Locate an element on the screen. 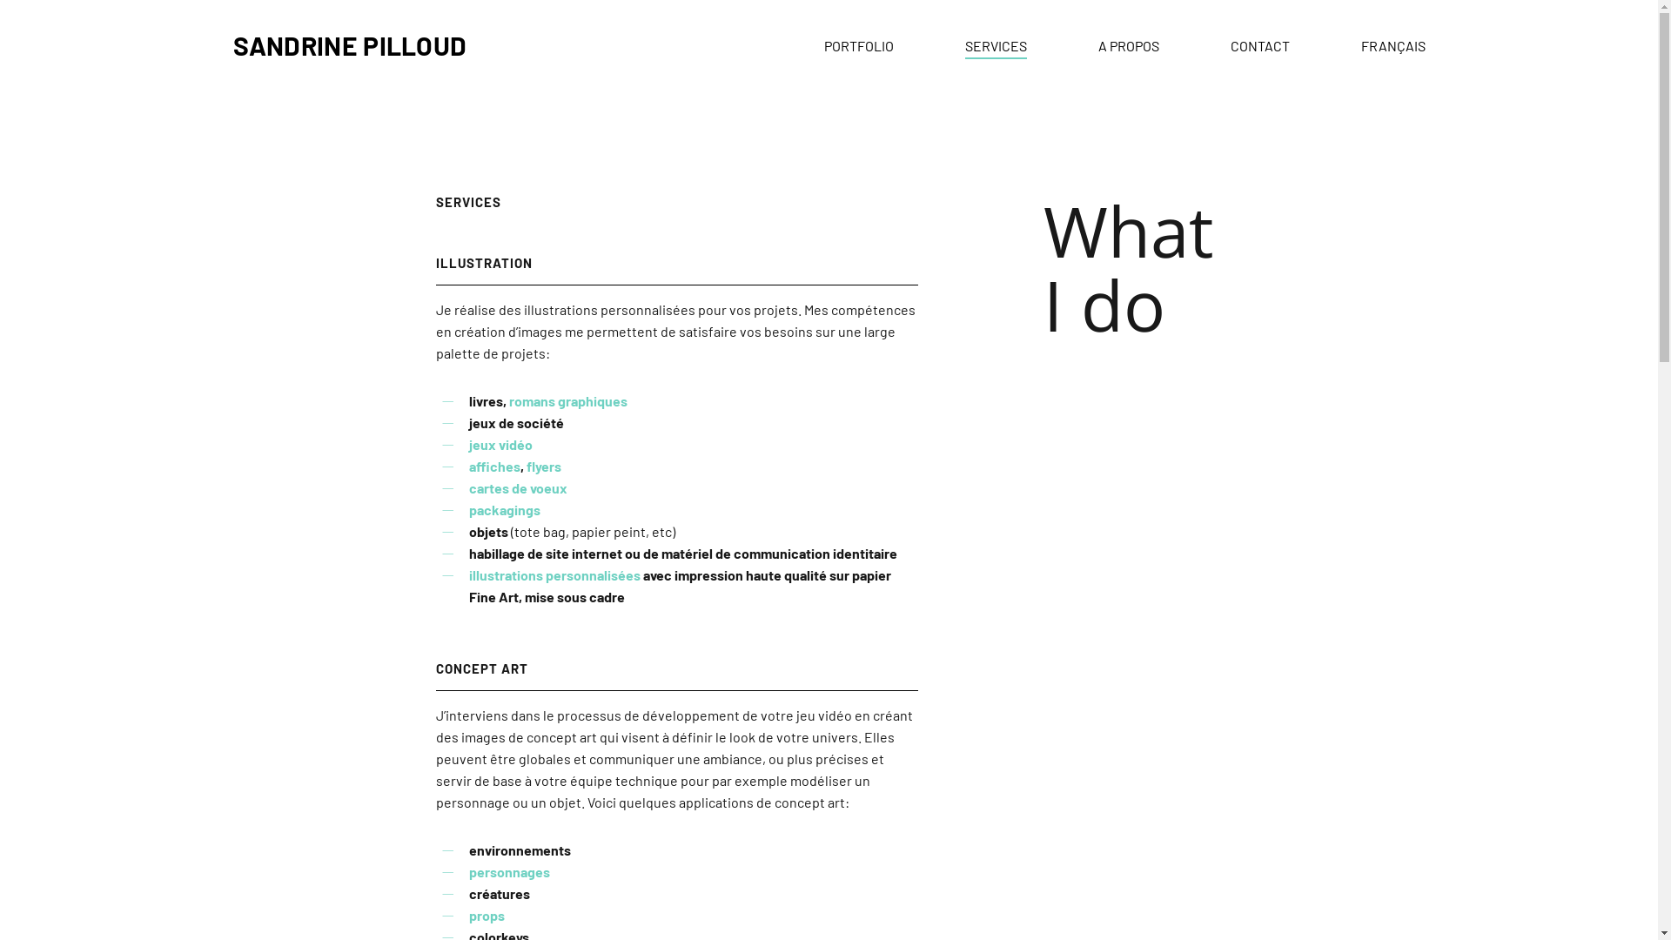  'CONTACT' is located at coordinates (1260, 44).